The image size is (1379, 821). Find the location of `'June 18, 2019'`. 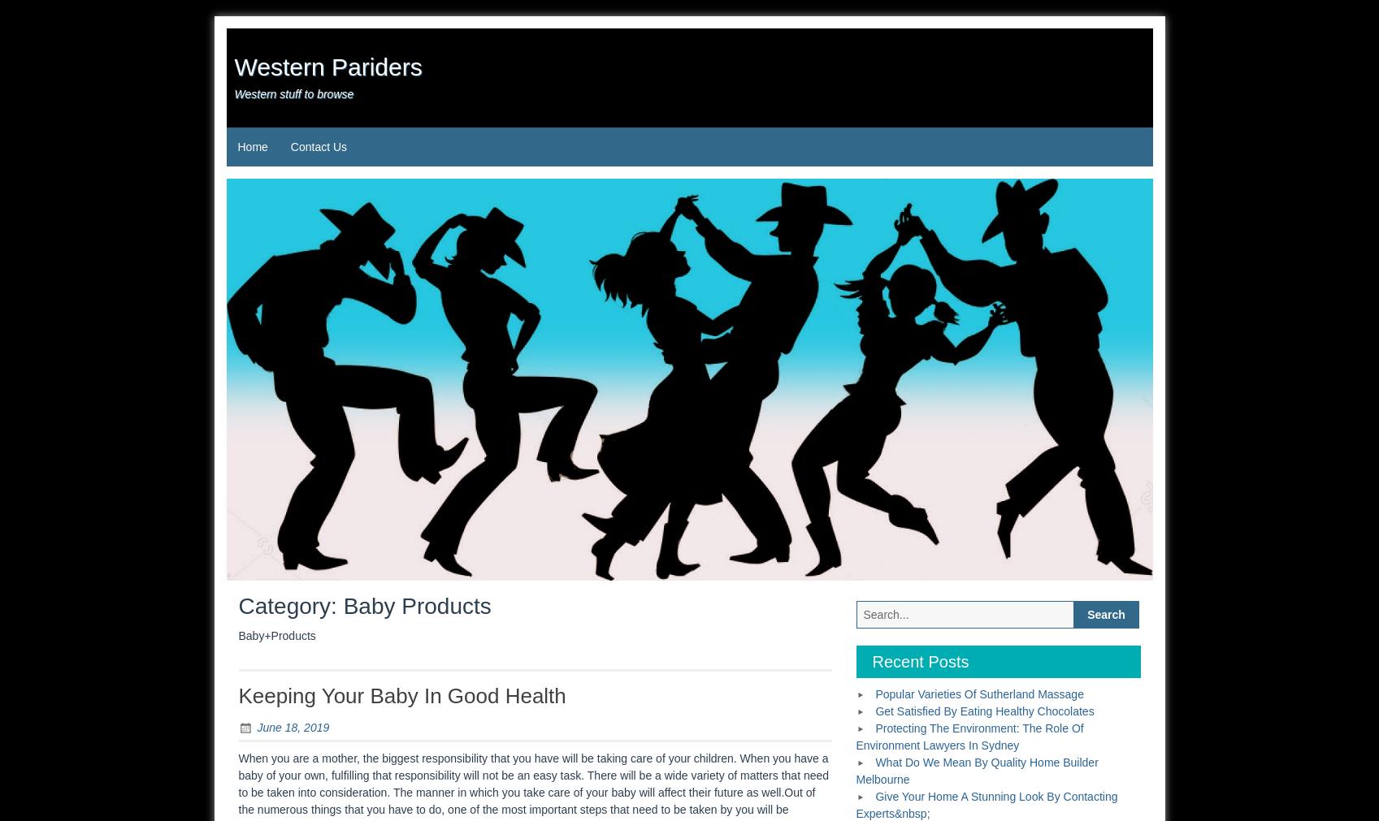

'June 18, 2019' is located at coordinates (293, 727).